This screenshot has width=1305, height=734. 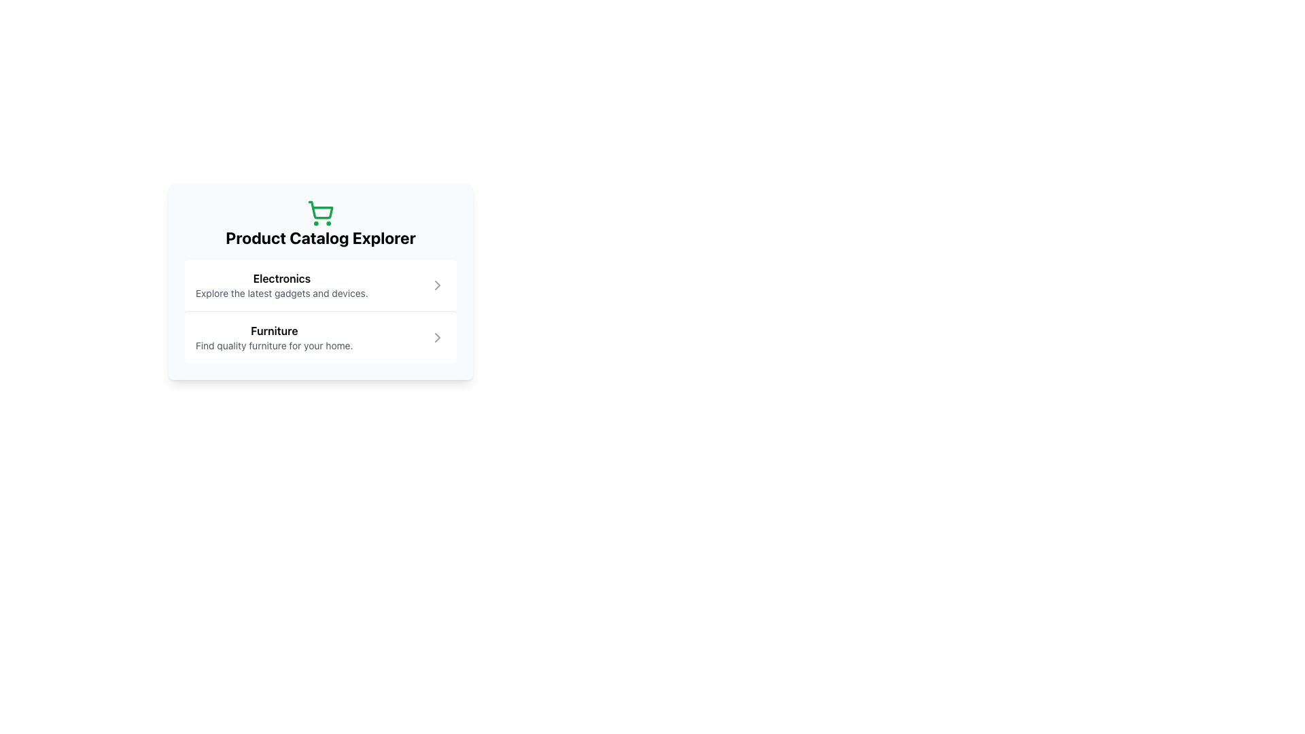 I want to click on the bold 'Furniture' heading text located at the top-center of the interface, so click(x=273, y=330).